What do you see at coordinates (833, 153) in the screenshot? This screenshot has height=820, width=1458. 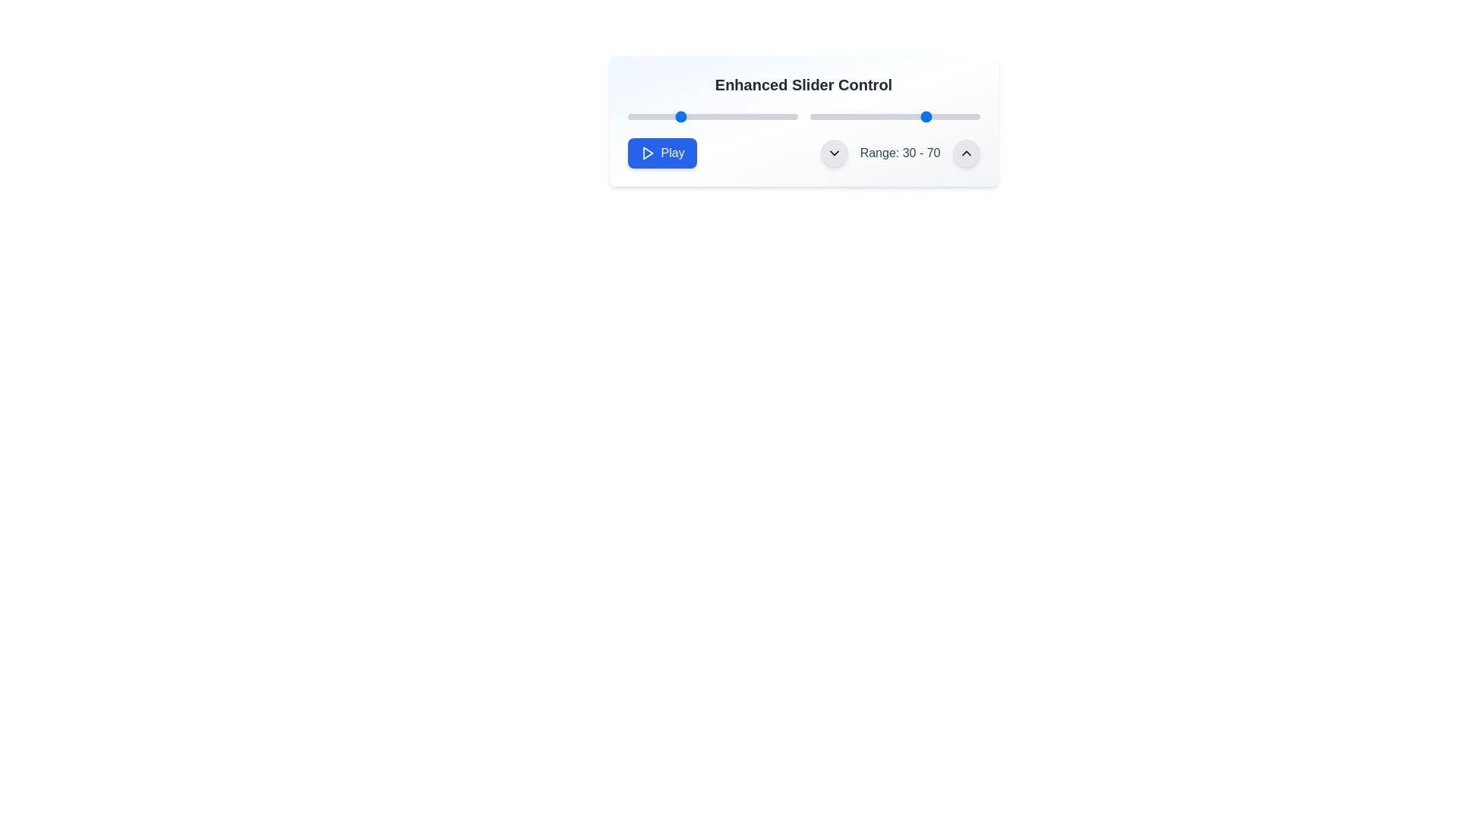 I see `the leftmost circular decrement button located to the left of the 'Range: 30 - 70' text` at bounding box center [833, 153].